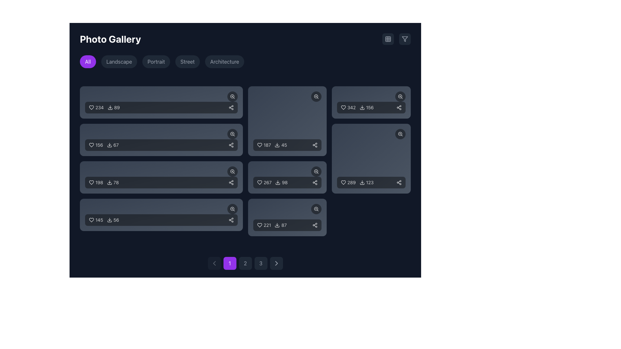  What do you see at coordinates (264, 182) in the screenshot?
I see `the text element displaying '267' likes, which is located in the lower middle section of the grid layout` at bounding box center [264, 182].